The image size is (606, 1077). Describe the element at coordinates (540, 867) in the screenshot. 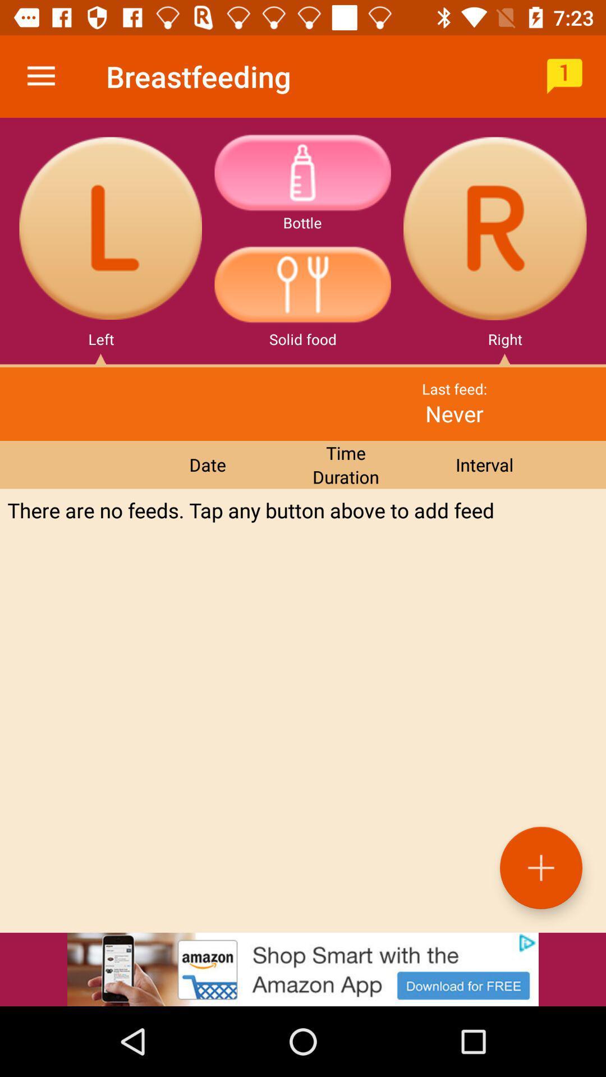

I see `the add icon` at that location.